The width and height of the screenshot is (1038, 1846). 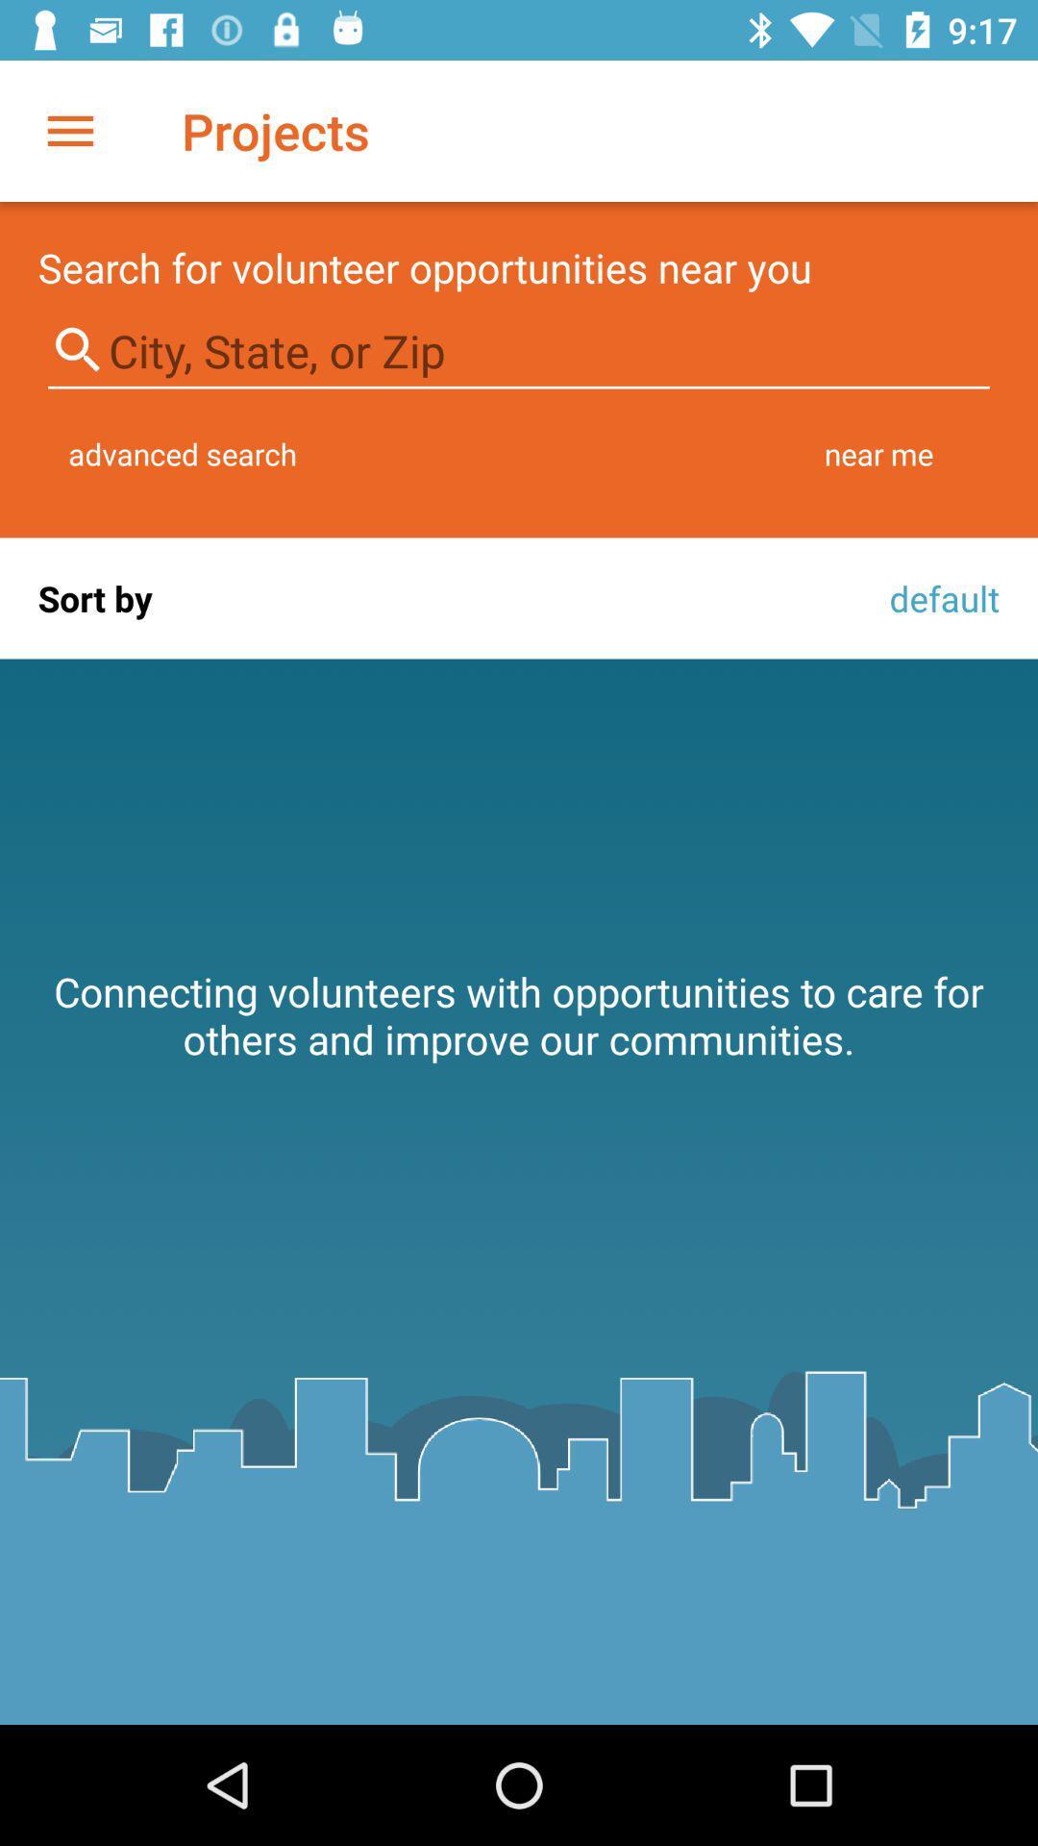 I want to click on item to the left of near me icon, so click(x=183, y=453).